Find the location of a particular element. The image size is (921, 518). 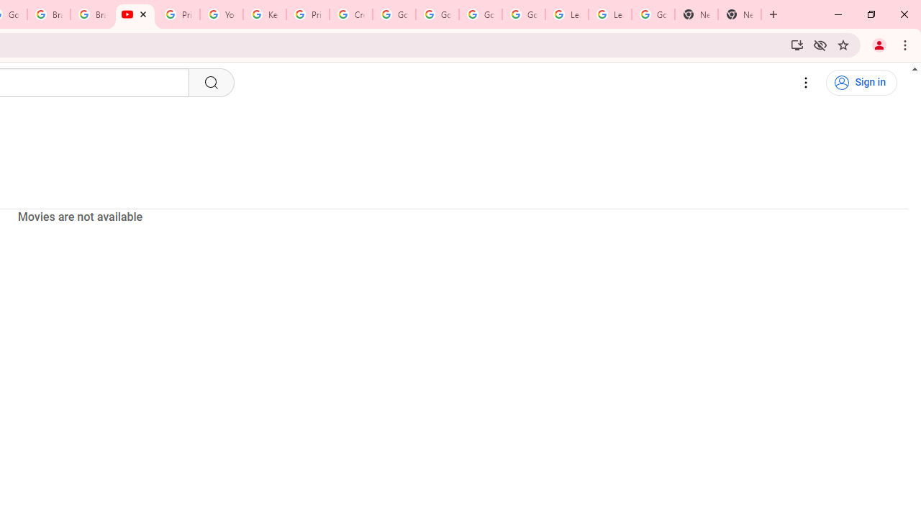

'New Tab' is located at coordinates (697, 14).